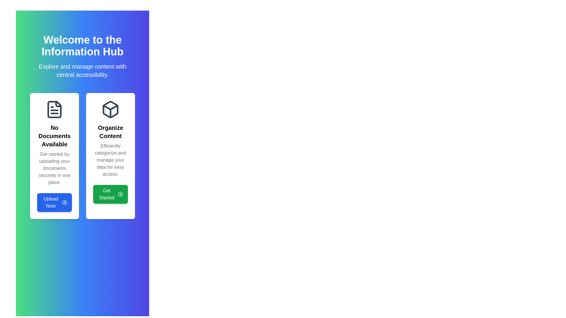 This screenshot has height=318, width=566. Describe the element at coordinates (110, 194) in the screenshot. I see `the green rectangular button labeled 'Get Started'` at that location.